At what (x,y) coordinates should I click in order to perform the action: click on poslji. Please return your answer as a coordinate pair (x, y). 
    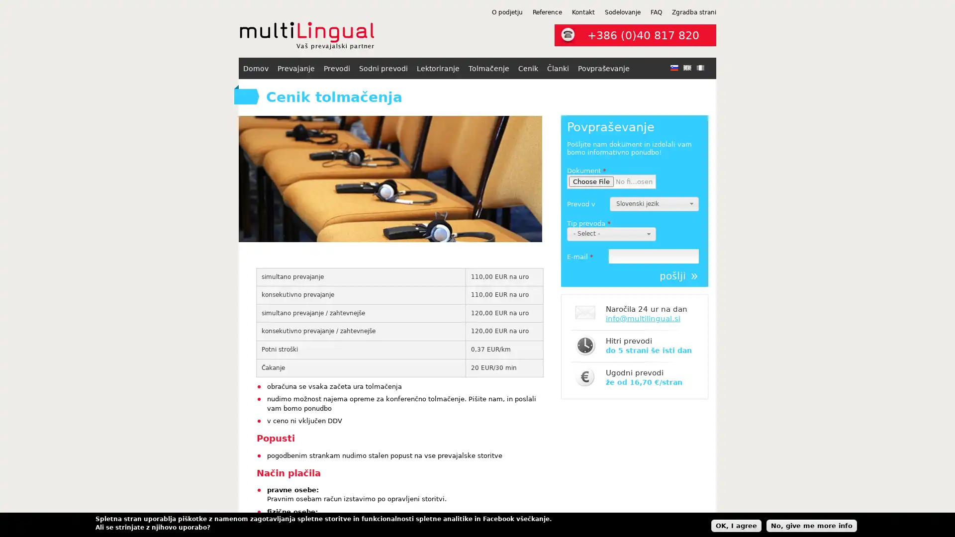
    Looking at the image, I should click on (678, 276).